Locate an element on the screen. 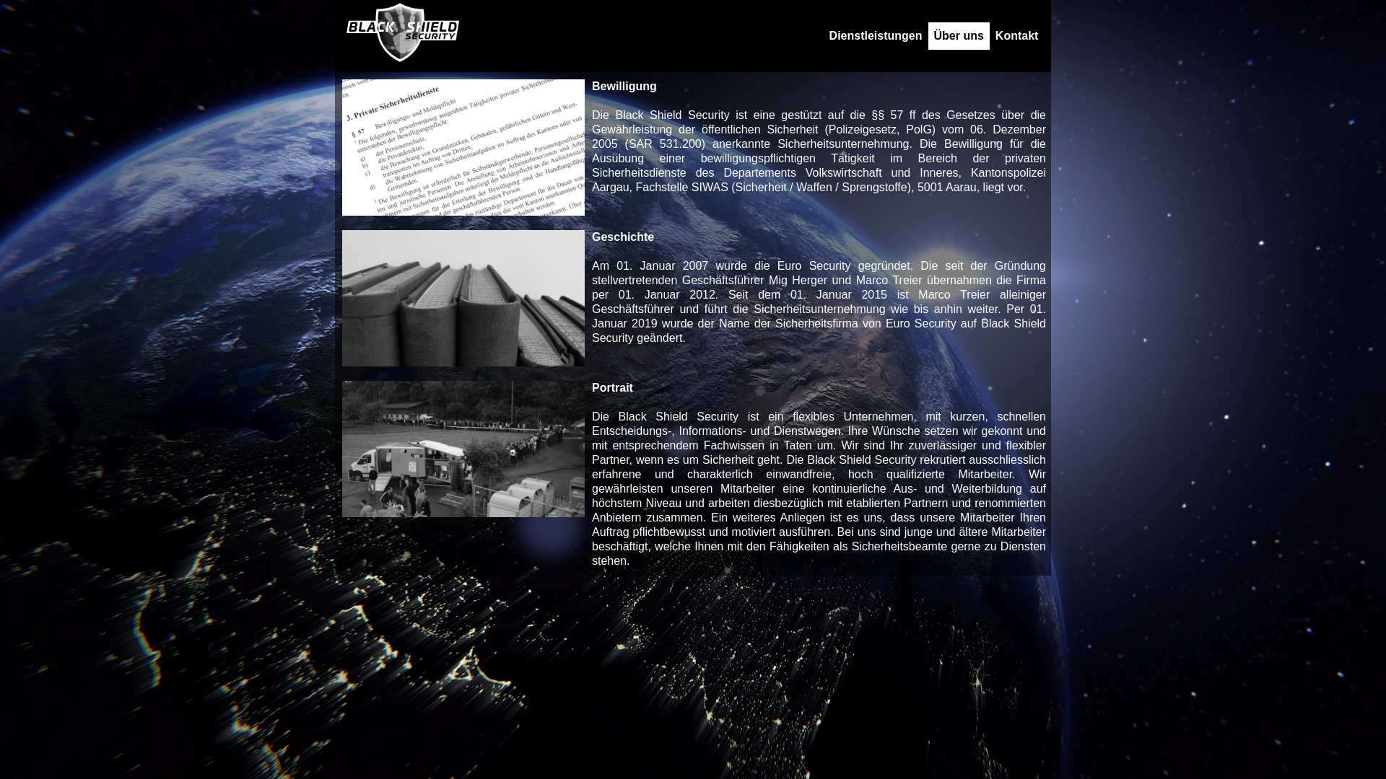  'Kontakt' is located at coordinates (1016, 35).